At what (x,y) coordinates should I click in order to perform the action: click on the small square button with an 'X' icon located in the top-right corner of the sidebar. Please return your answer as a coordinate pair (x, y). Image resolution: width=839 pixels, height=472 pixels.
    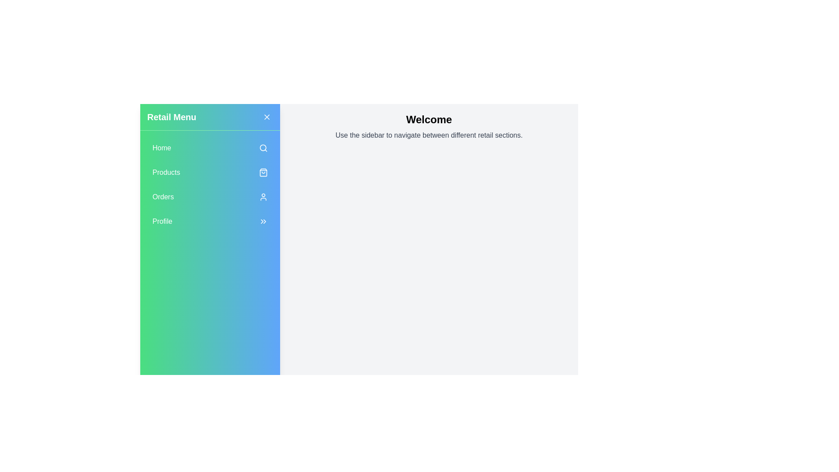
    Looking at the image, I should click on (266, 116).